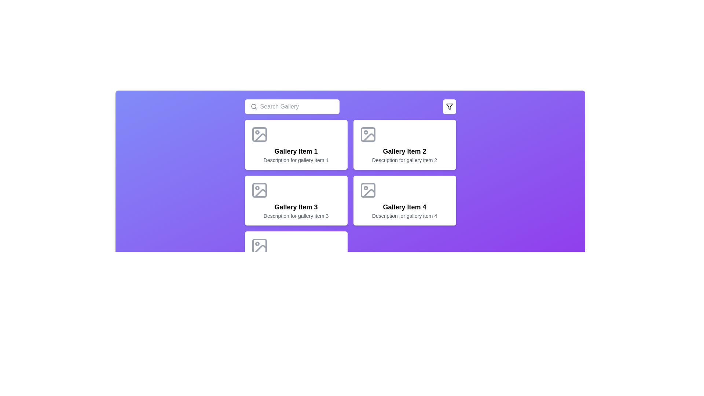 The height and width of the screenshot is (396, 704). What do you see at coordinates (253, 106) in the screenshot?
I see `the circular search icon, which is part of the SVG in the search functionality component, located near the top-left of the interface` at bounding box center [253, 106].